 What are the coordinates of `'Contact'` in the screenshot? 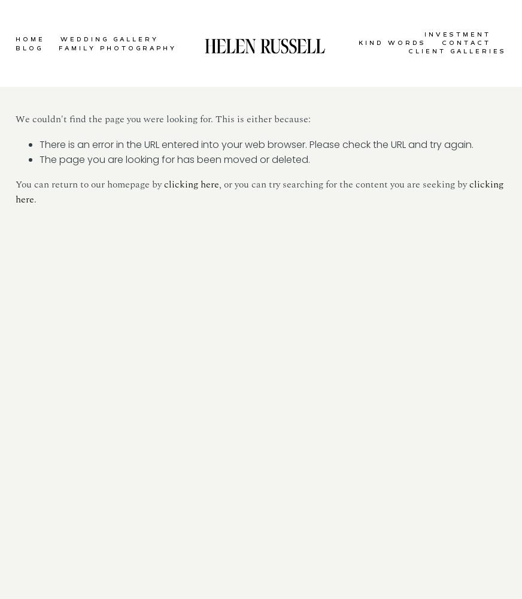 It's located at (465, 43).